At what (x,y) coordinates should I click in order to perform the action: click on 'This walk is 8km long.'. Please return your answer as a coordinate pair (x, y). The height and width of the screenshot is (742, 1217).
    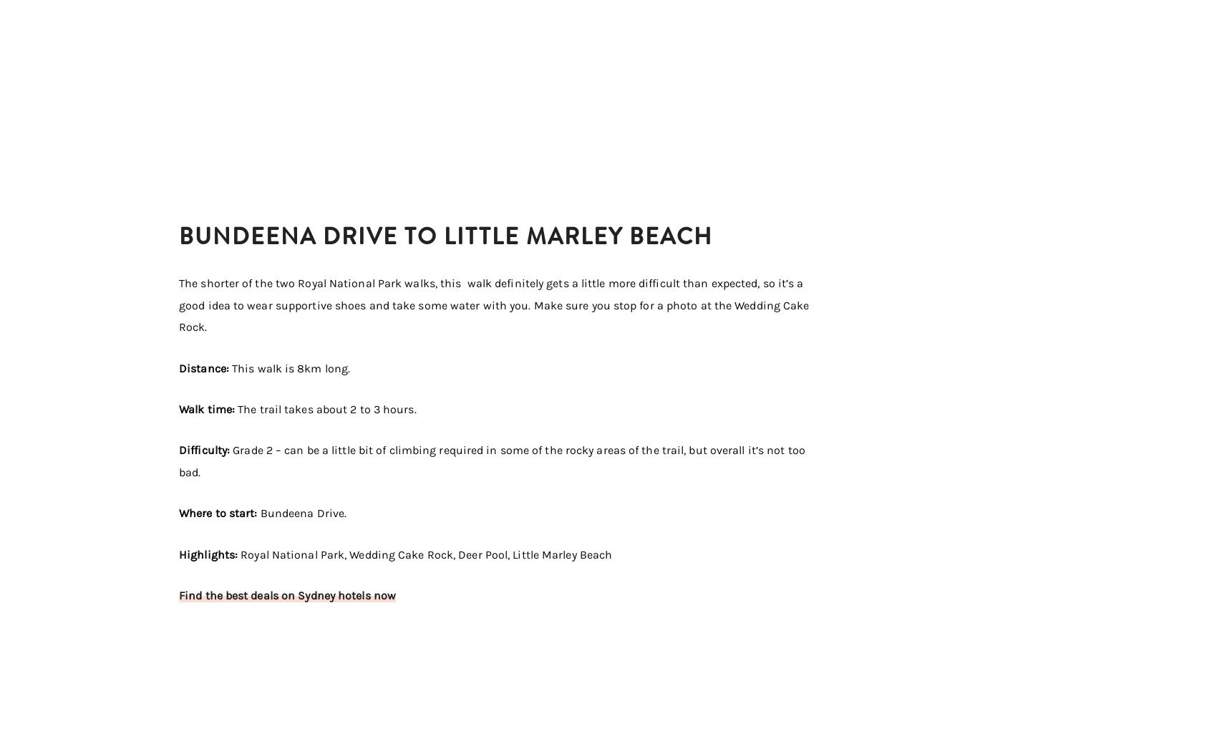
    Looking at the image, I should click on (290, 367).